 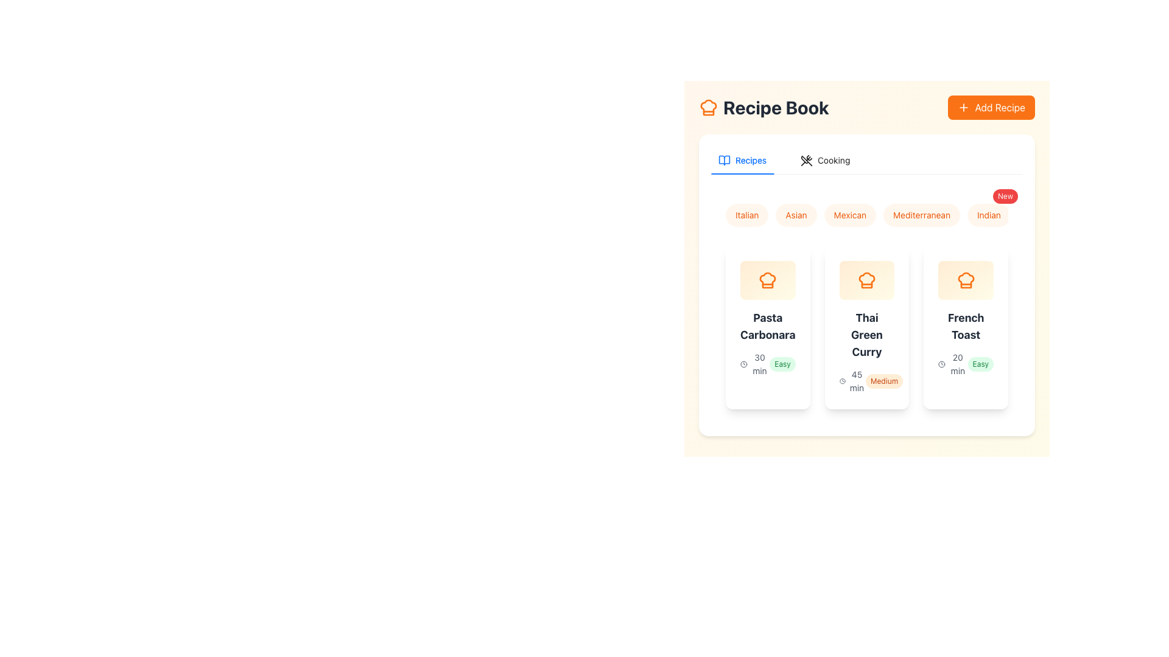 I want to click on the blue open book icon located to the left of the 'Recipes' tab in the navigation bar, so click(x=725, y=157).